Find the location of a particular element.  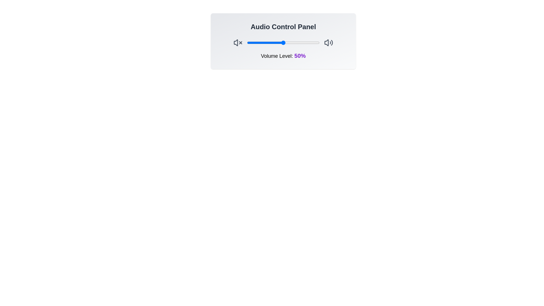

text label 'Volume Level:' which is displayed in a bold font style within the audio control interface, located directly below the audio slider and to the left of the percentage value '50% is located at coordinates (277, 56).